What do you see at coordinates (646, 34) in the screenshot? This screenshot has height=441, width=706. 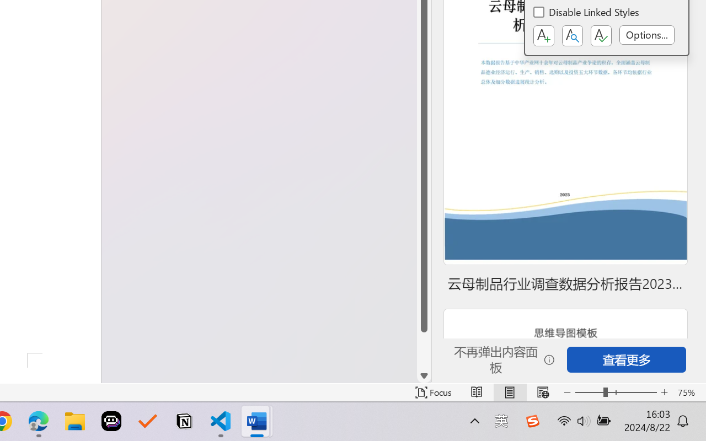 I see `'Options...'` at bounding box center [646, 34].